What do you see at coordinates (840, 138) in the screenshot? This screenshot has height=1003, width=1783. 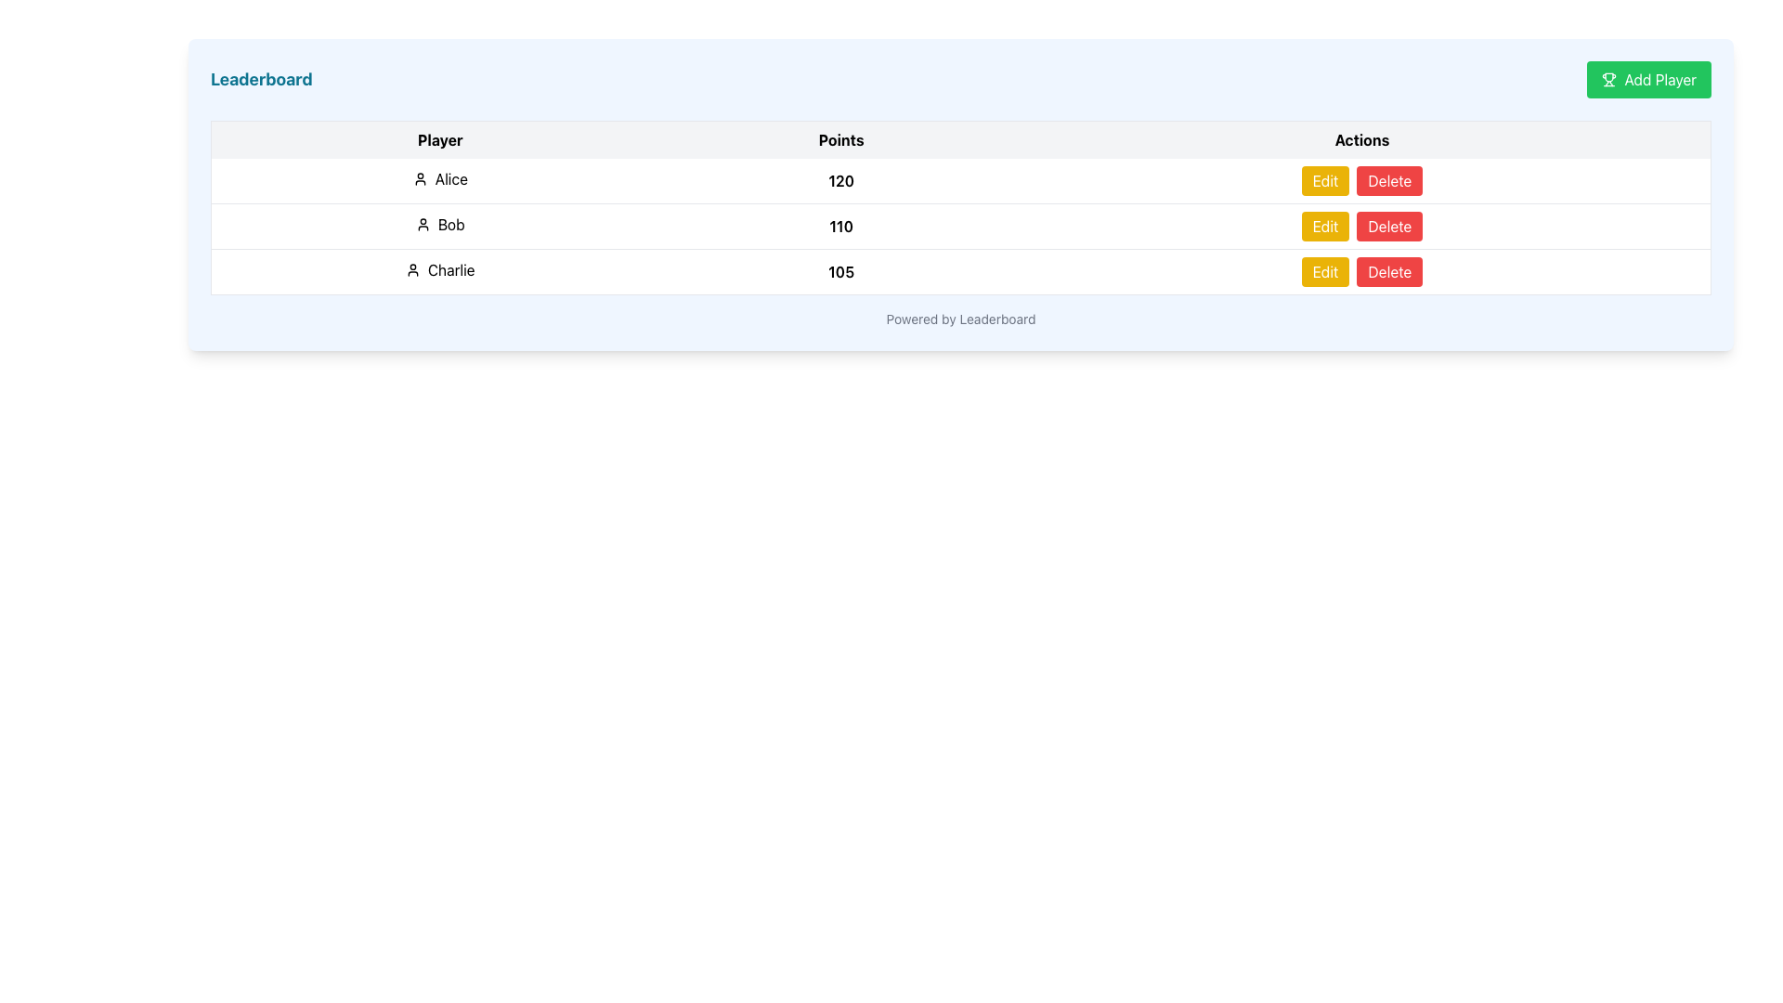 I see `the header label for the 'Points' column, which is centrally aligned in the second column of the table's header row between 'Player' and 'Actions'` at bounding box center [840, 138].